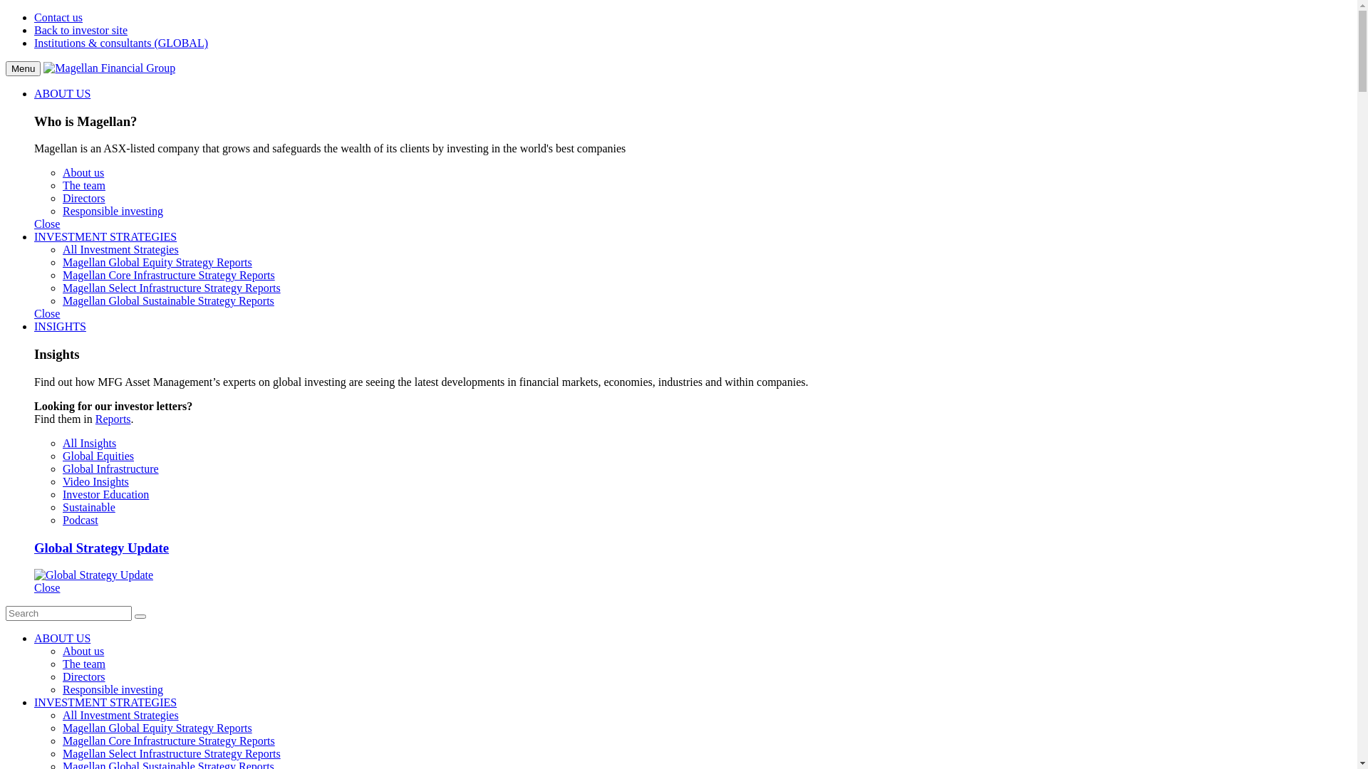 This screenshot has width=1368, height=769. I want to click on 'Podcast', so click(61, 520).